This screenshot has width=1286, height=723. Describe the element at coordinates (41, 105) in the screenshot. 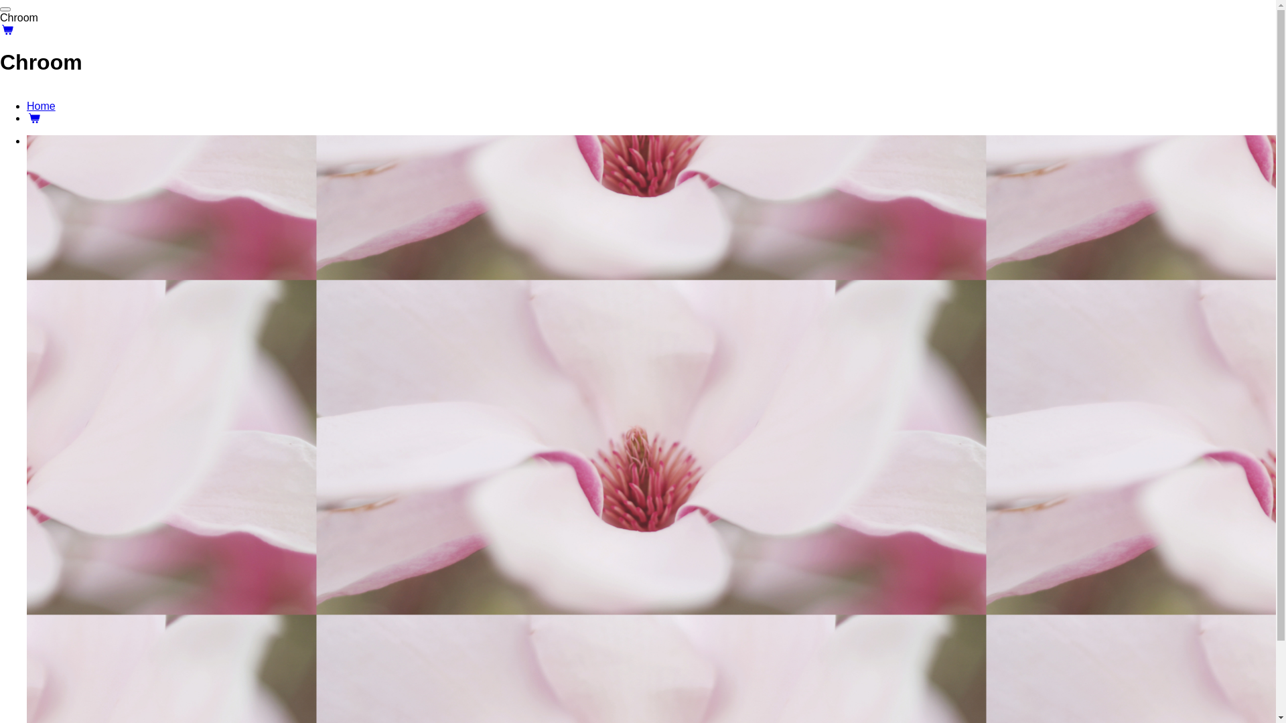

I see `'Home'` at that location.